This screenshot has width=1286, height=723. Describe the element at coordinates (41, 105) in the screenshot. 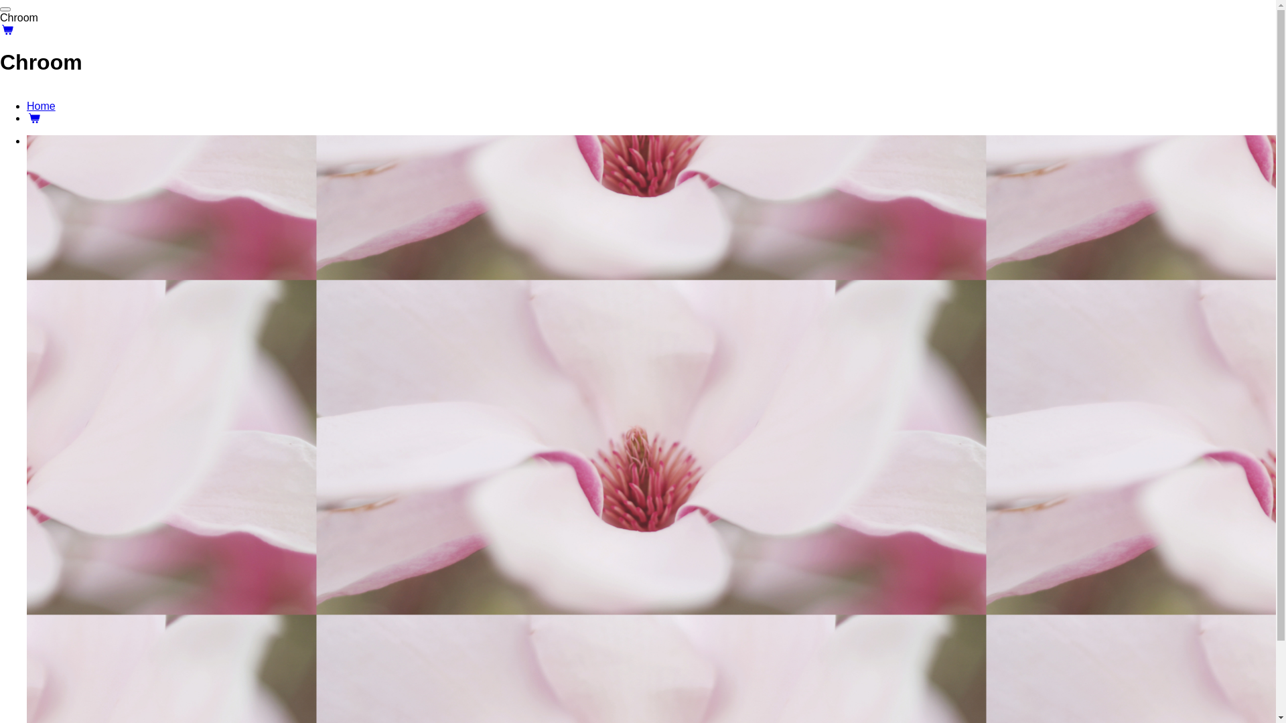

I see `'Home'` at that location.